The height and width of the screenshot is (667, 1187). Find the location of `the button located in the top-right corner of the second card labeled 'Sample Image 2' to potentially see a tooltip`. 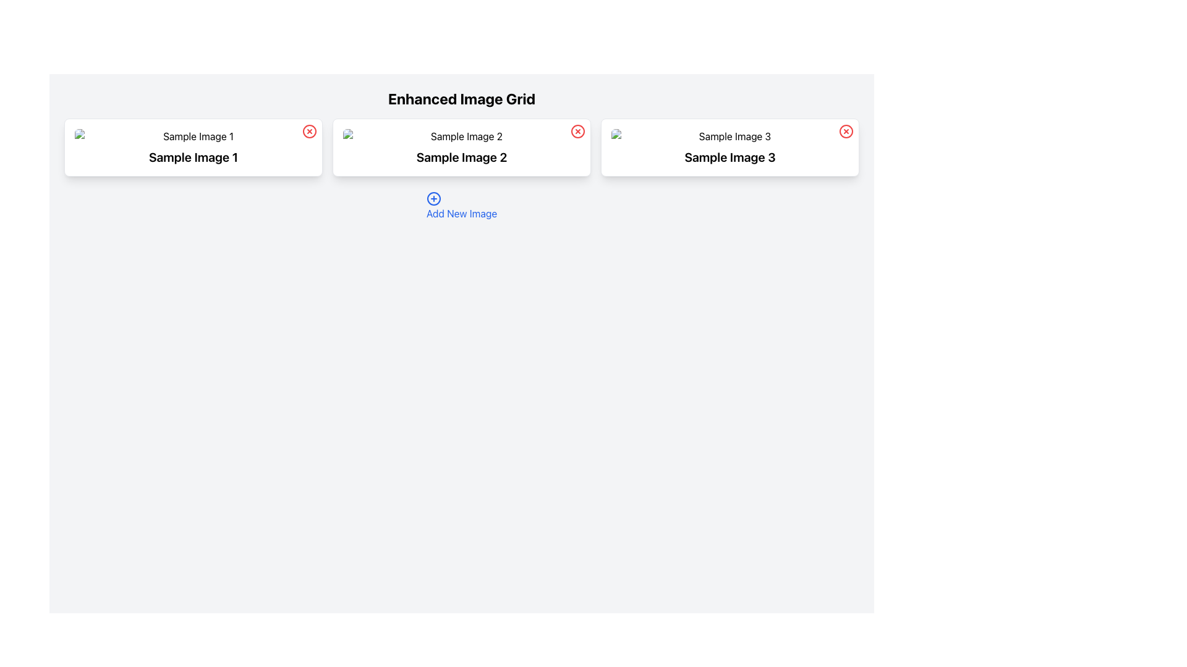

the button located in the top-right corner of the second card labeled 'Sample Image 2' to potentially see a tooltip is located at coordinates (577, 131).